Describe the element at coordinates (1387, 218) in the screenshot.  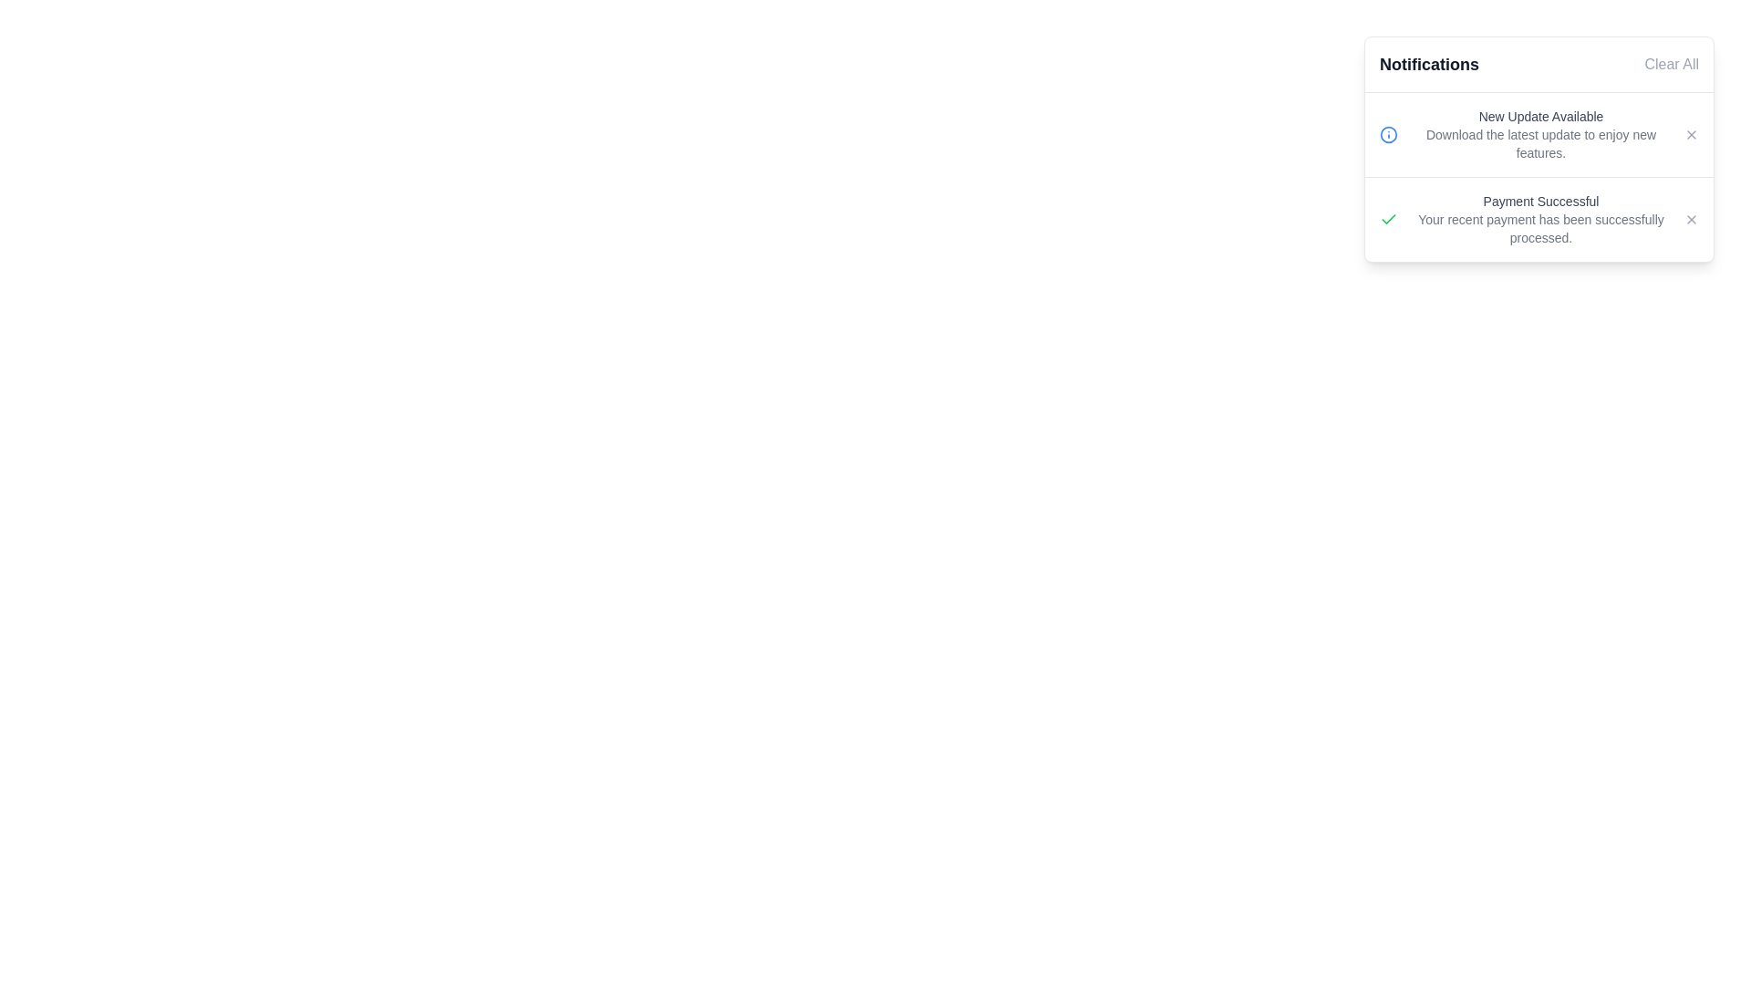
I see `the visual confirmation icon for a successful payment located in the 'Payment Successful' notification card, positioned to the left of the title text` at that location.